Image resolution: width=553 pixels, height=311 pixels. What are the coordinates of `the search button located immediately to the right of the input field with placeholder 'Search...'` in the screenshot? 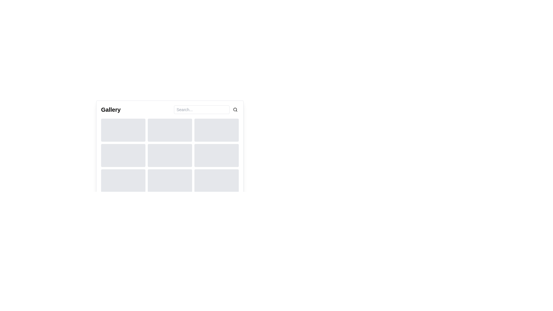 It's located at (235, 110).